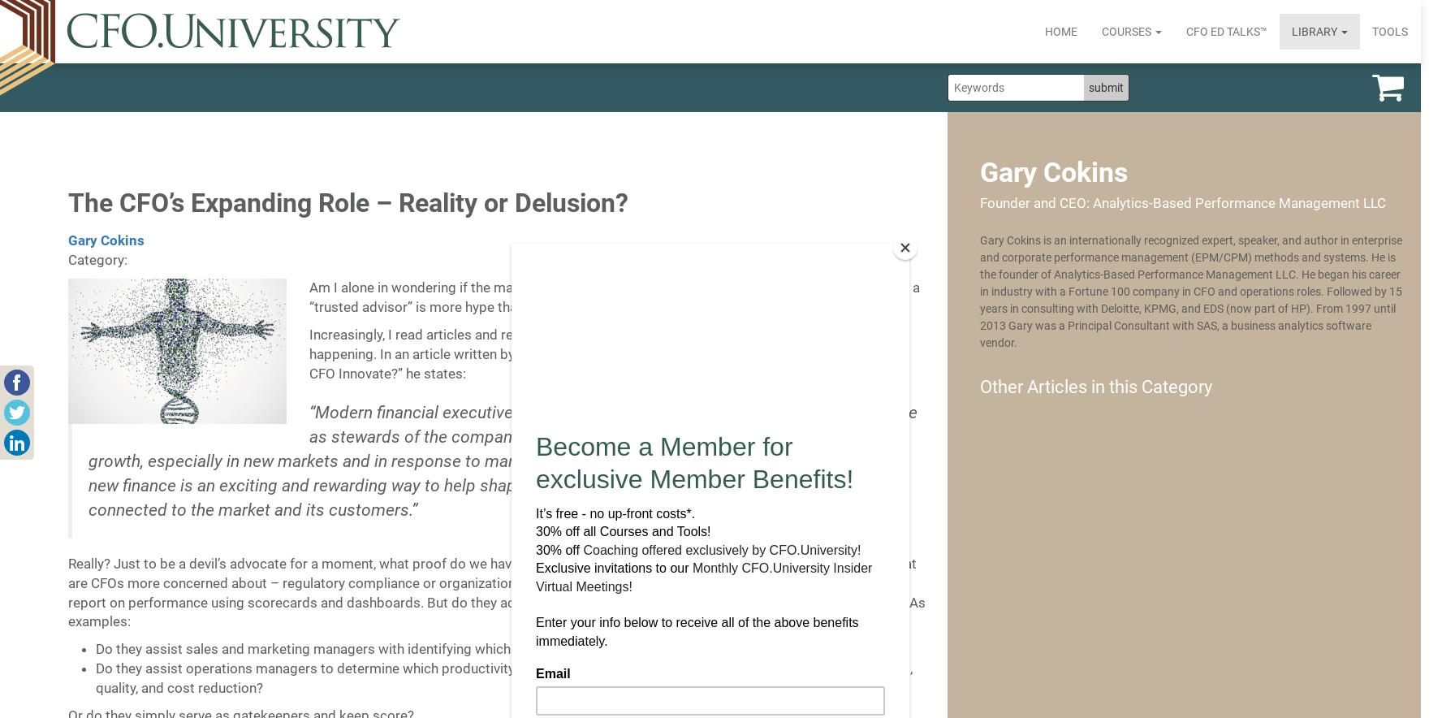  What do you see at coordinates (1226, 30) in the screenshot?
I see `'CFO Ed Talks™'` at bounding box center [1226, 30].